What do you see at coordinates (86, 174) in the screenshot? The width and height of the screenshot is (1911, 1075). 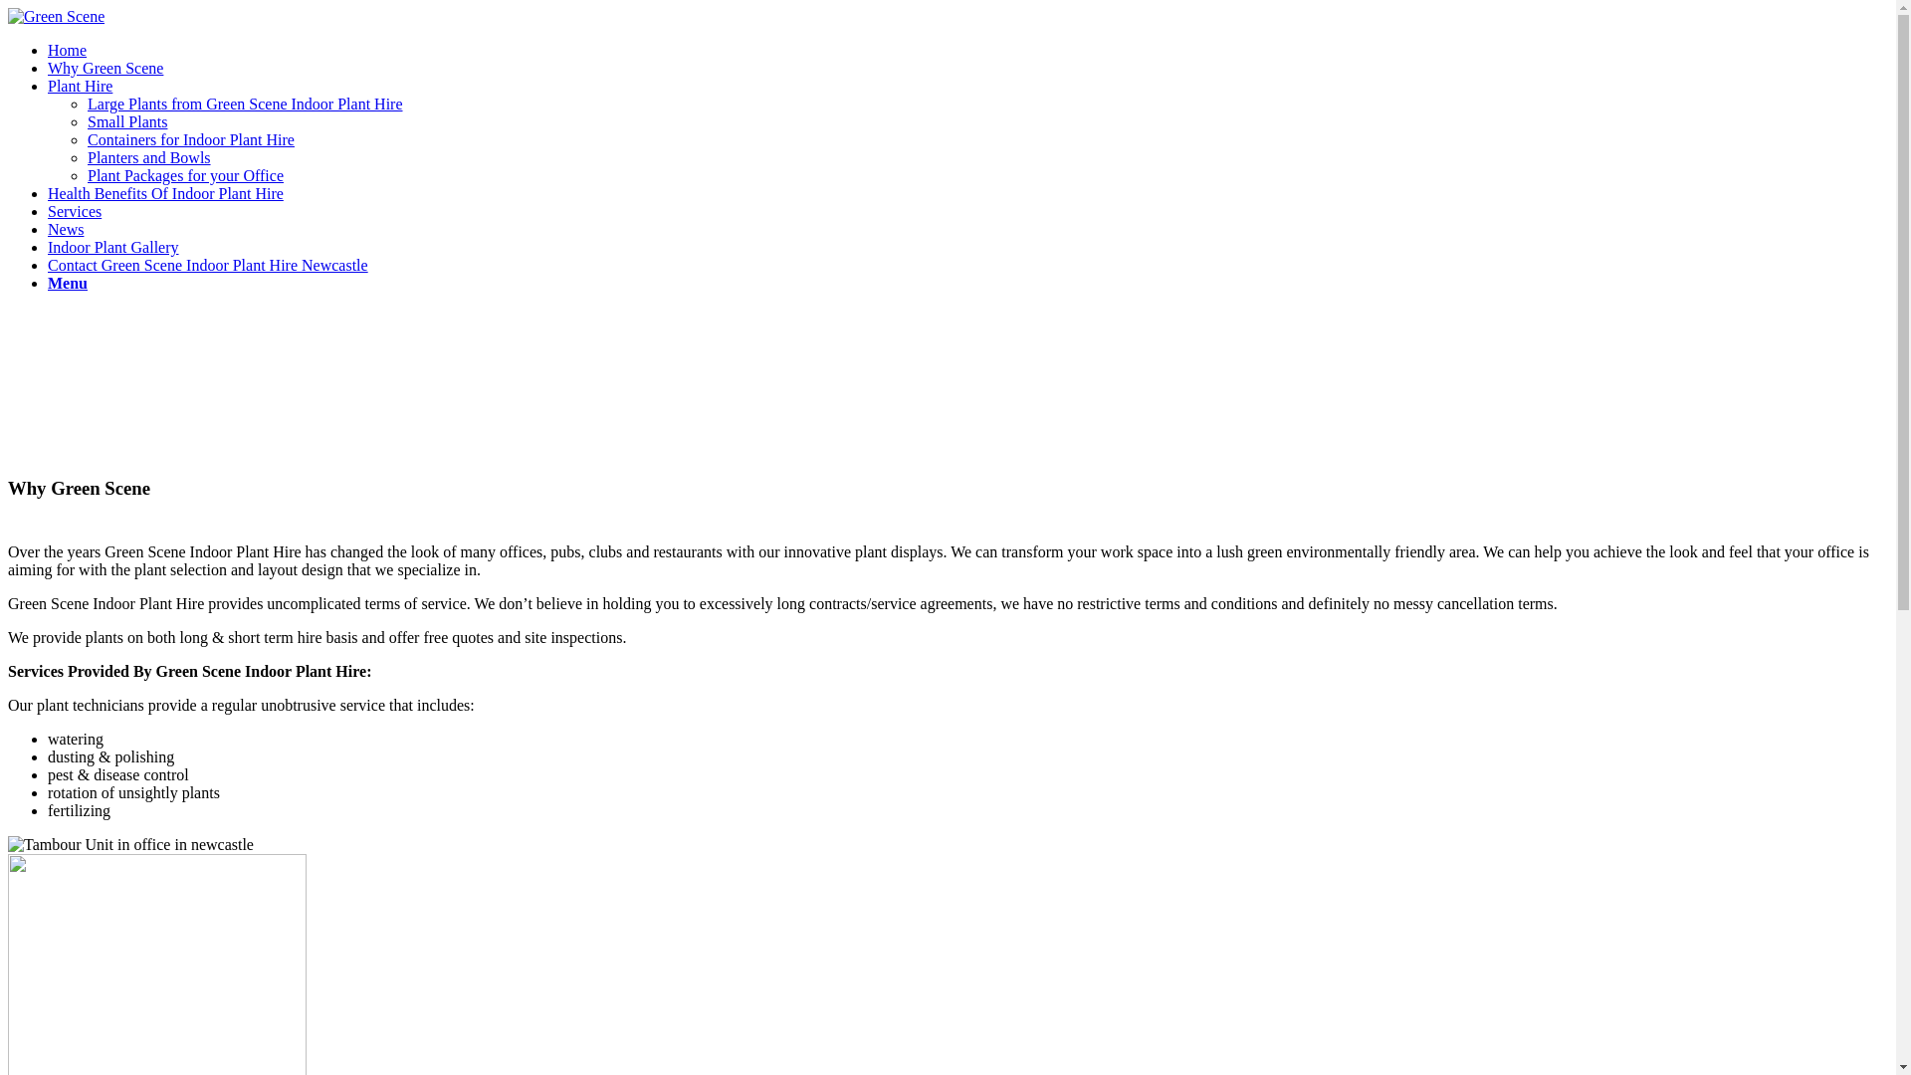 I see `'Plant Packages for your Office'` at bounding box center [86, 174].